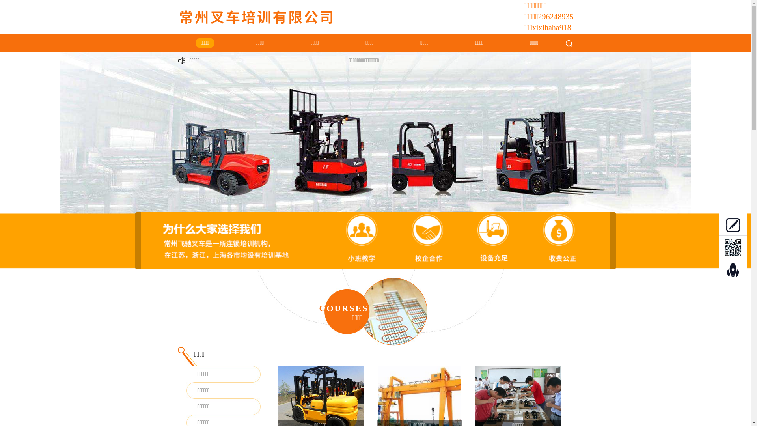 The image size is (757, 426). Describe the element at coordinates (732, 224) in the screenshot. I see `'0'` at that location.